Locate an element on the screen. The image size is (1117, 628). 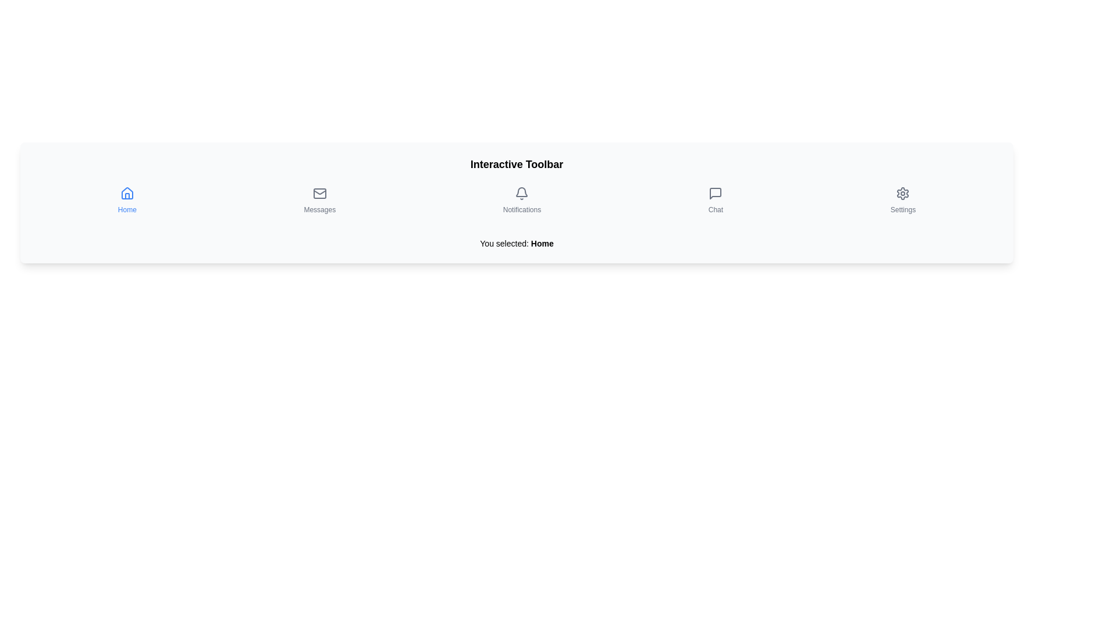
the text label displaying the word 'Home', which is styled in a small, medium-weight, blue sans-serif font, located below a house icon on the left side of the toolbar is located at coordinates (127, 210).